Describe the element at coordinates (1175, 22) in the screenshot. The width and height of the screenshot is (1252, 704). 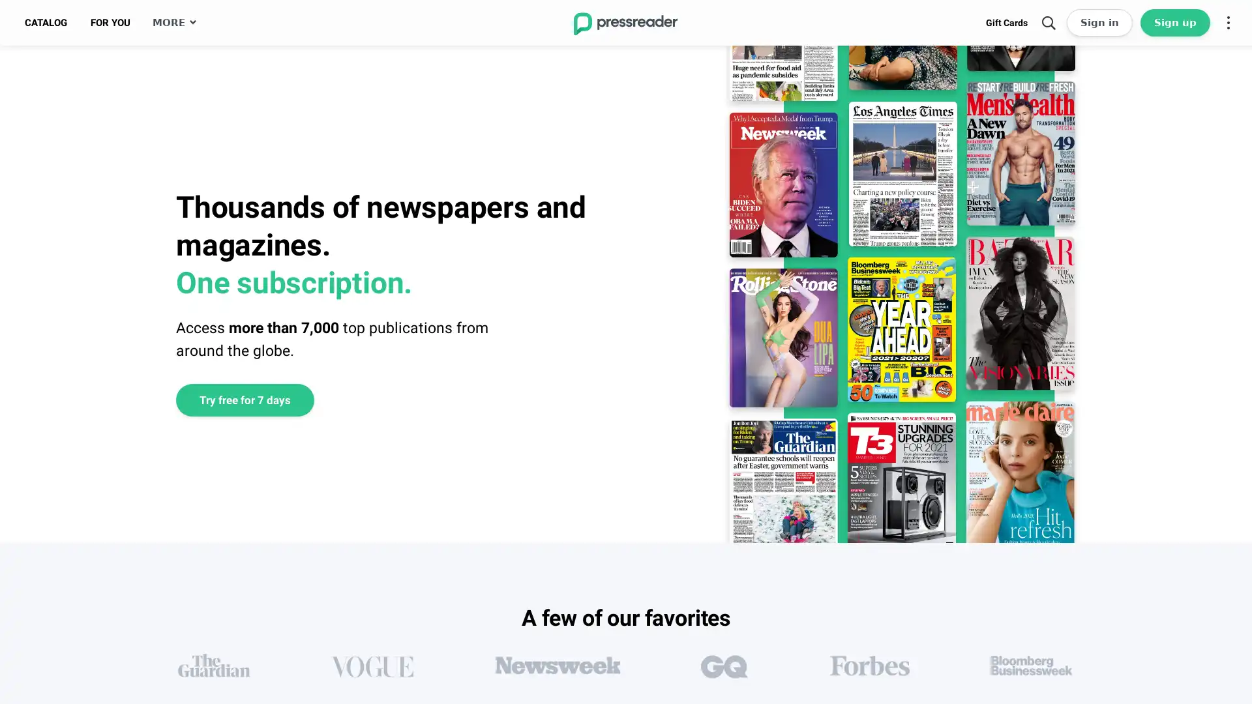
I see `Sign up` at that location.